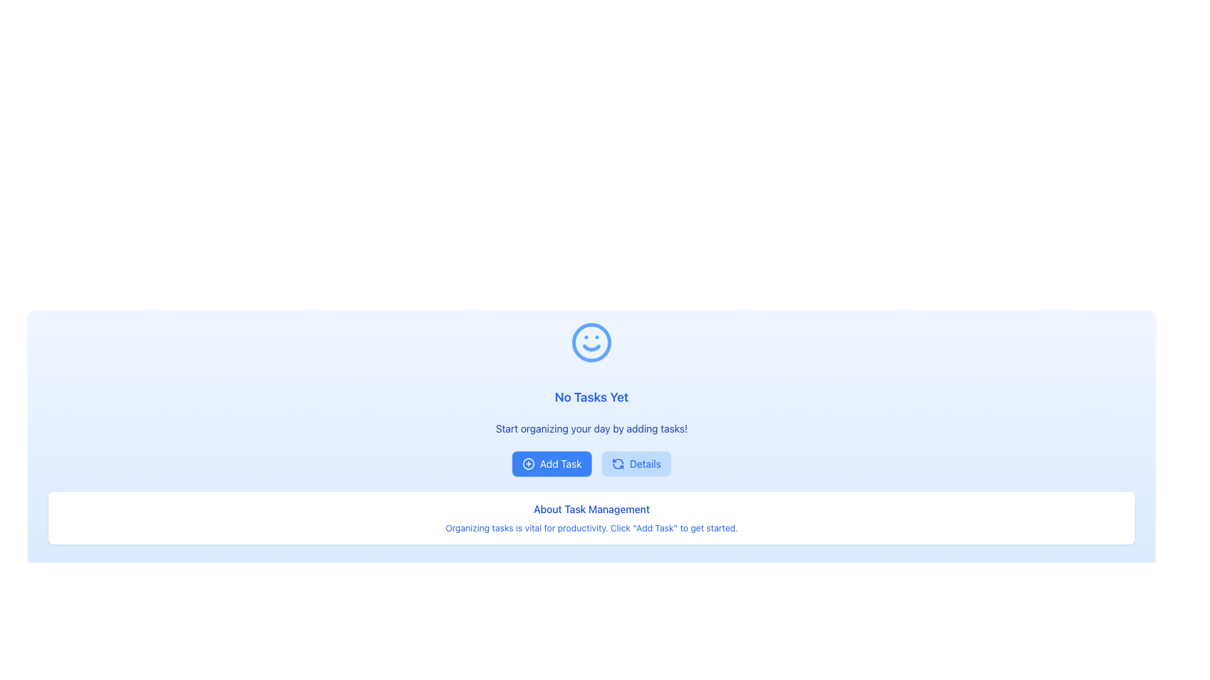 Image resolution: width=1210 pixels, height=680 pixels. I want to click on the Text label that serves as an informational heading for the task management section, located in the lower middle section of the page, so click(591, 509).